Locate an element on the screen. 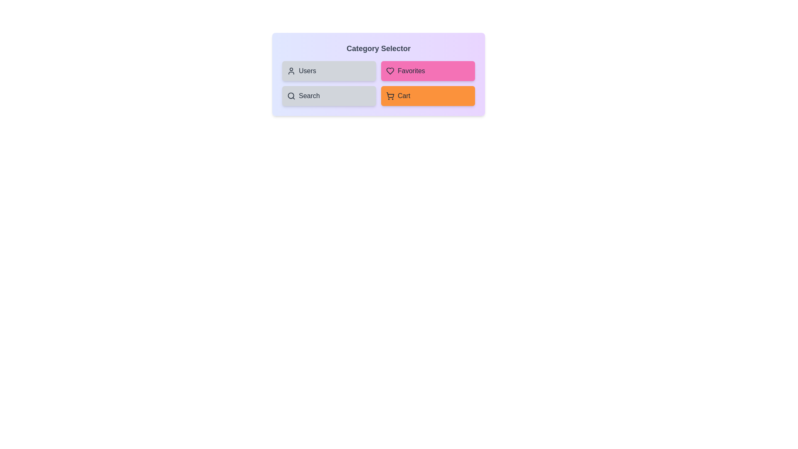  the 'Cart' button to toggle its selection state is located at coordinates (428, 96).